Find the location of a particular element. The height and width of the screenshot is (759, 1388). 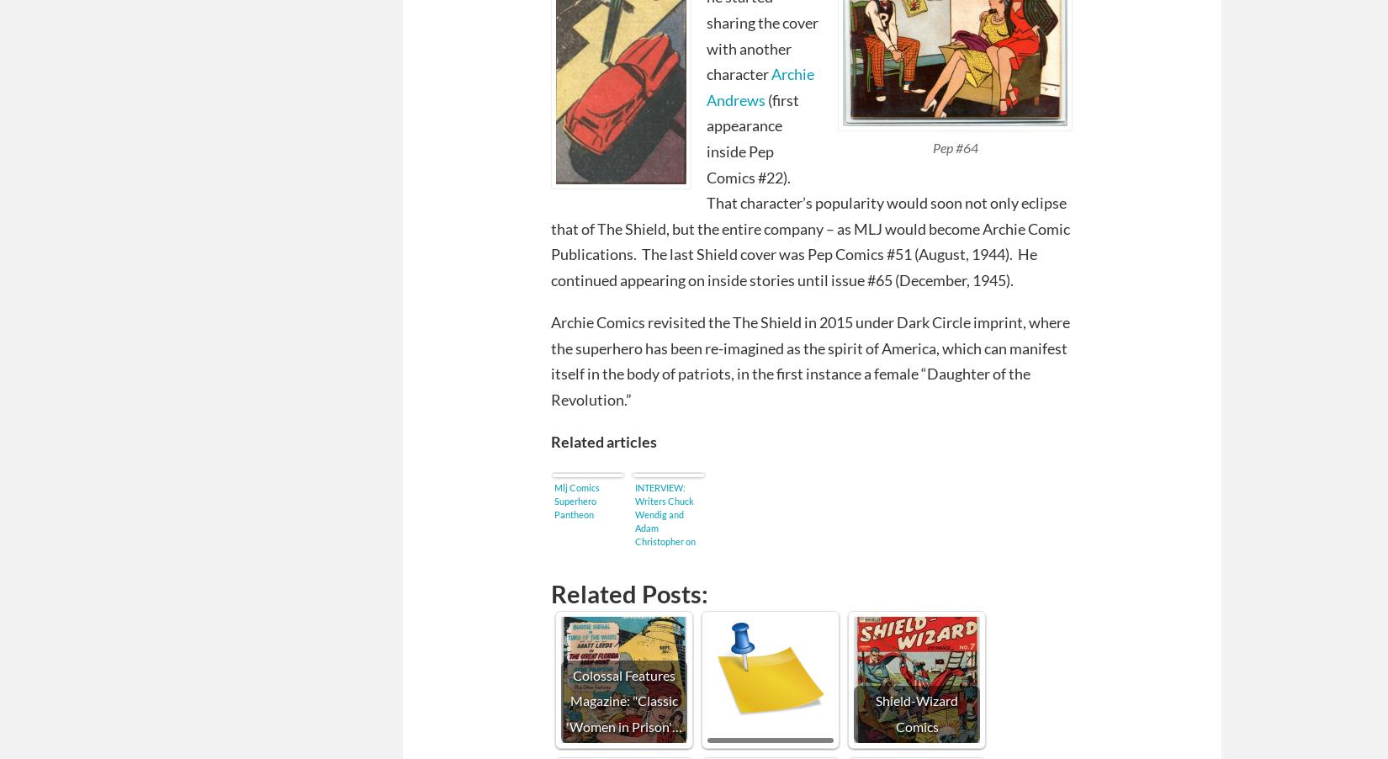

'Pep #64' is located at coordinates (955, 146).